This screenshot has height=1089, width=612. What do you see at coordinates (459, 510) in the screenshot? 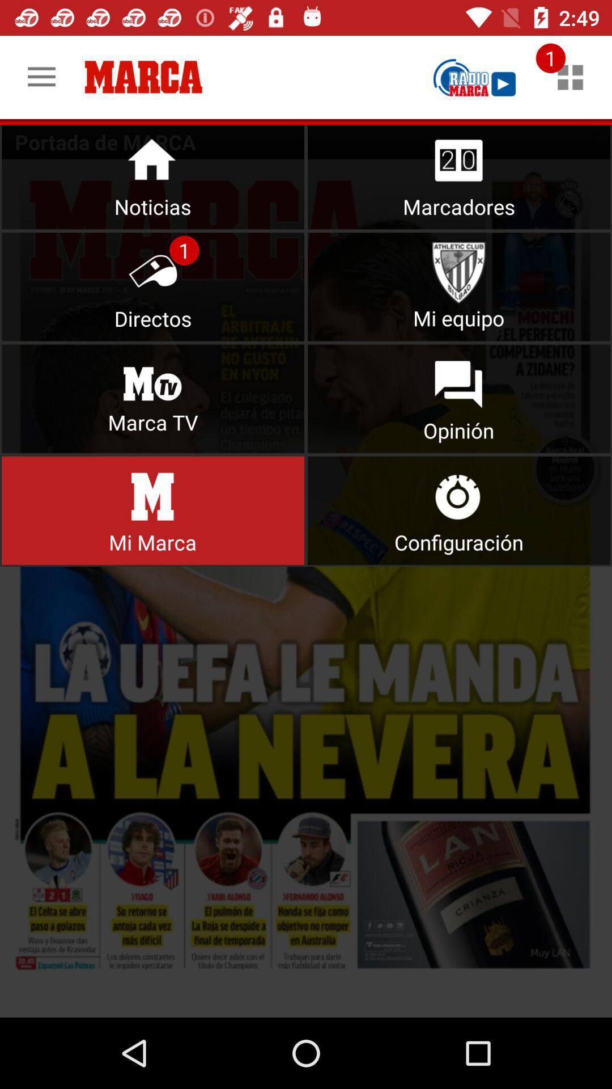
I see `button on navigation bar` at bounding box center [459, 510].